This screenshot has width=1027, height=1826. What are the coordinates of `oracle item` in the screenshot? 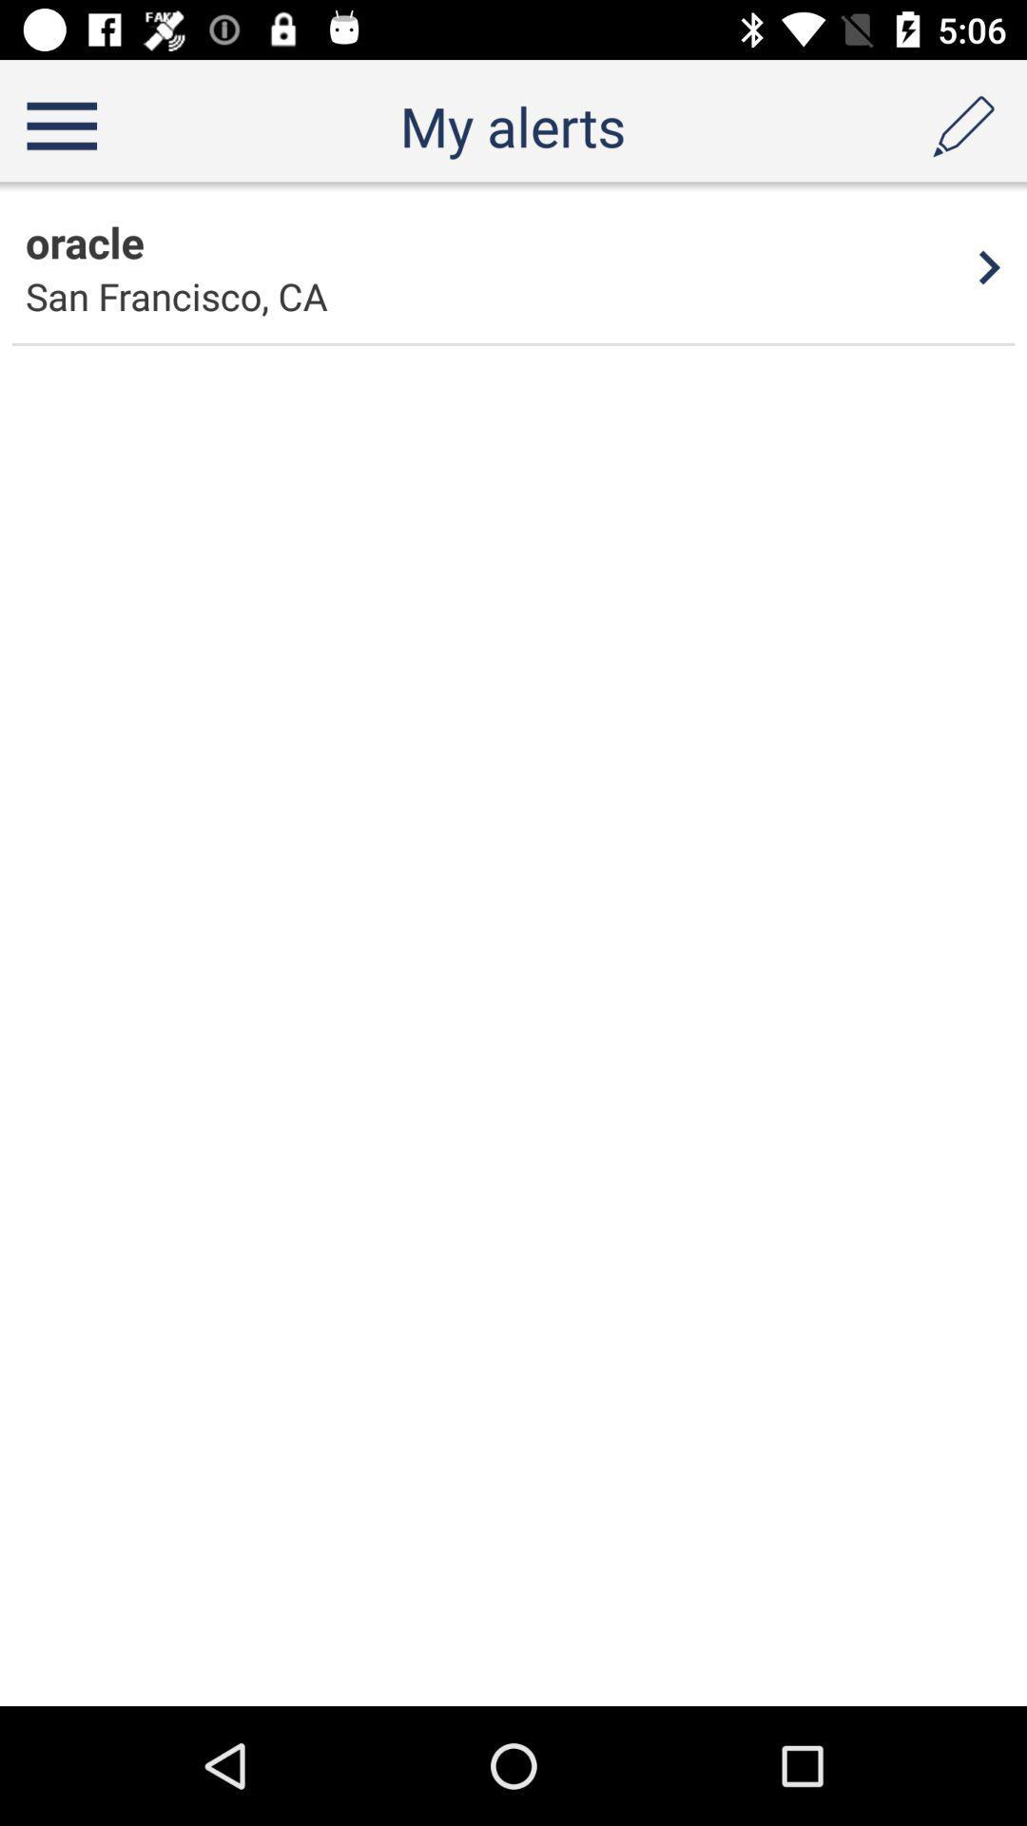 It's located at (84, 241).